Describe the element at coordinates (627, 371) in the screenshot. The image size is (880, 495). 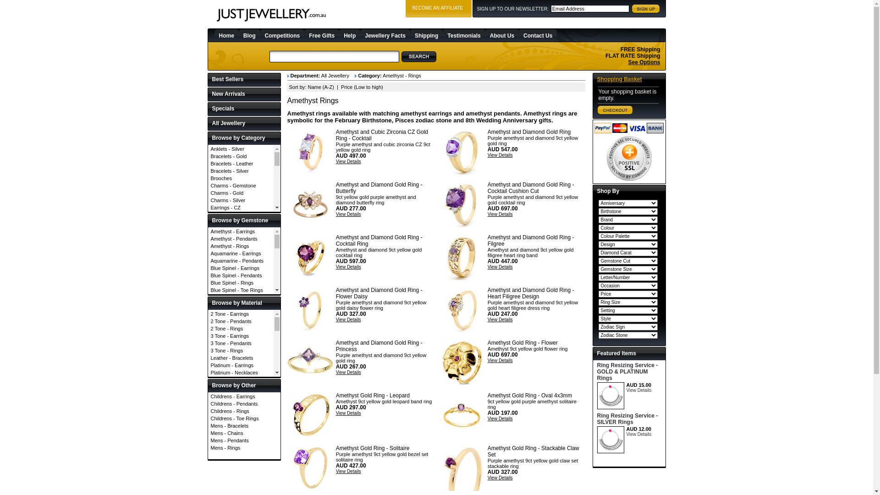
I see `'Ring Resizing Service - GOLD & PLATINUM Rings'` at that location.